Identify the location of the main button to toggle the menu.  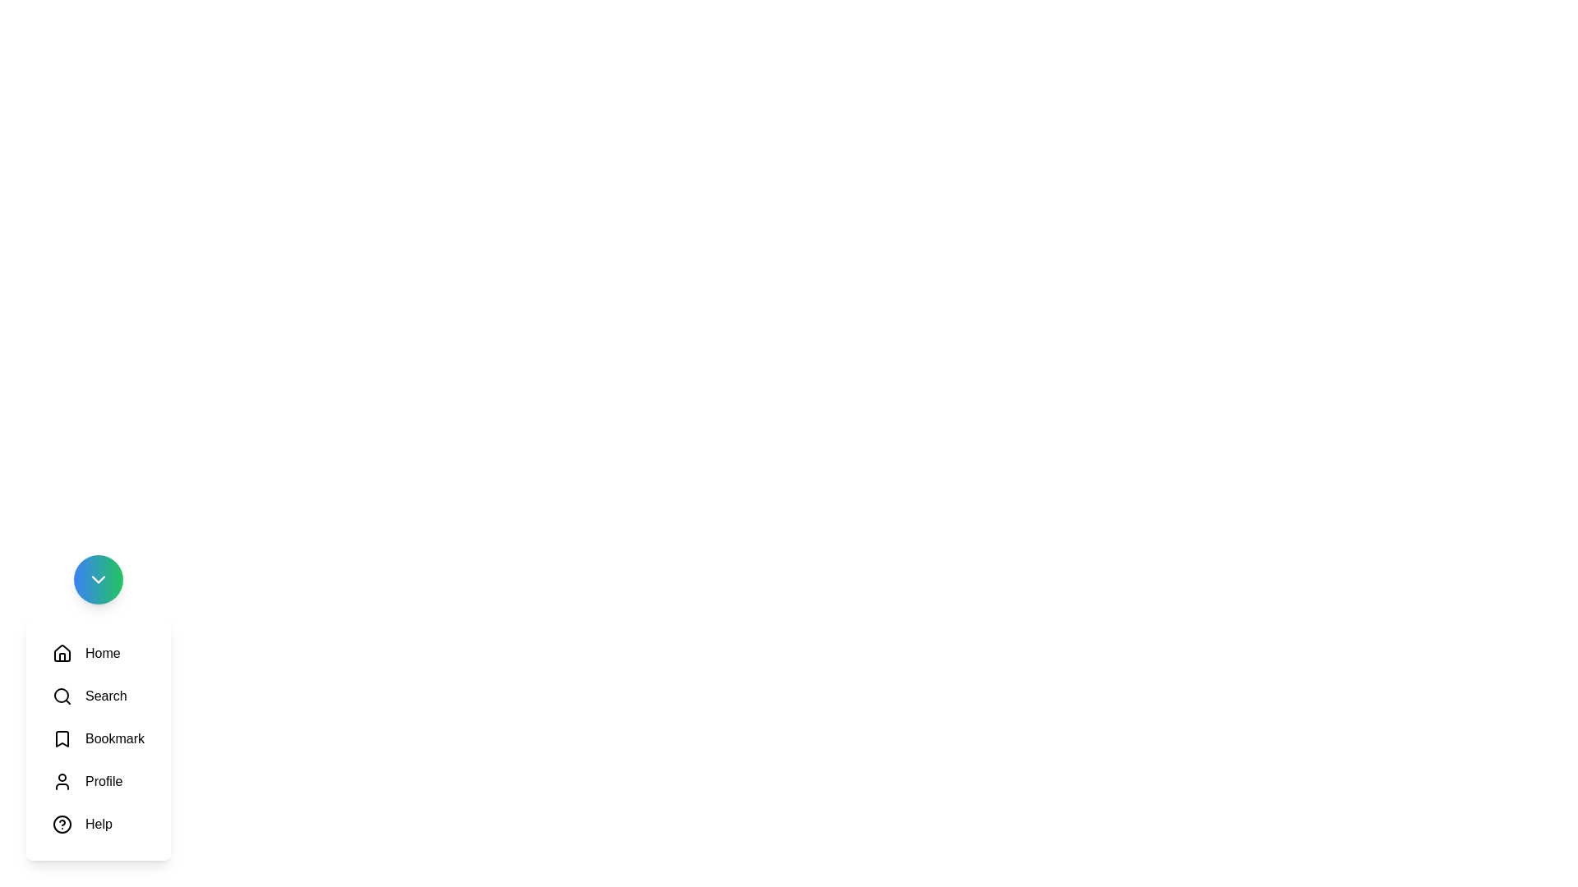
(98, 578).